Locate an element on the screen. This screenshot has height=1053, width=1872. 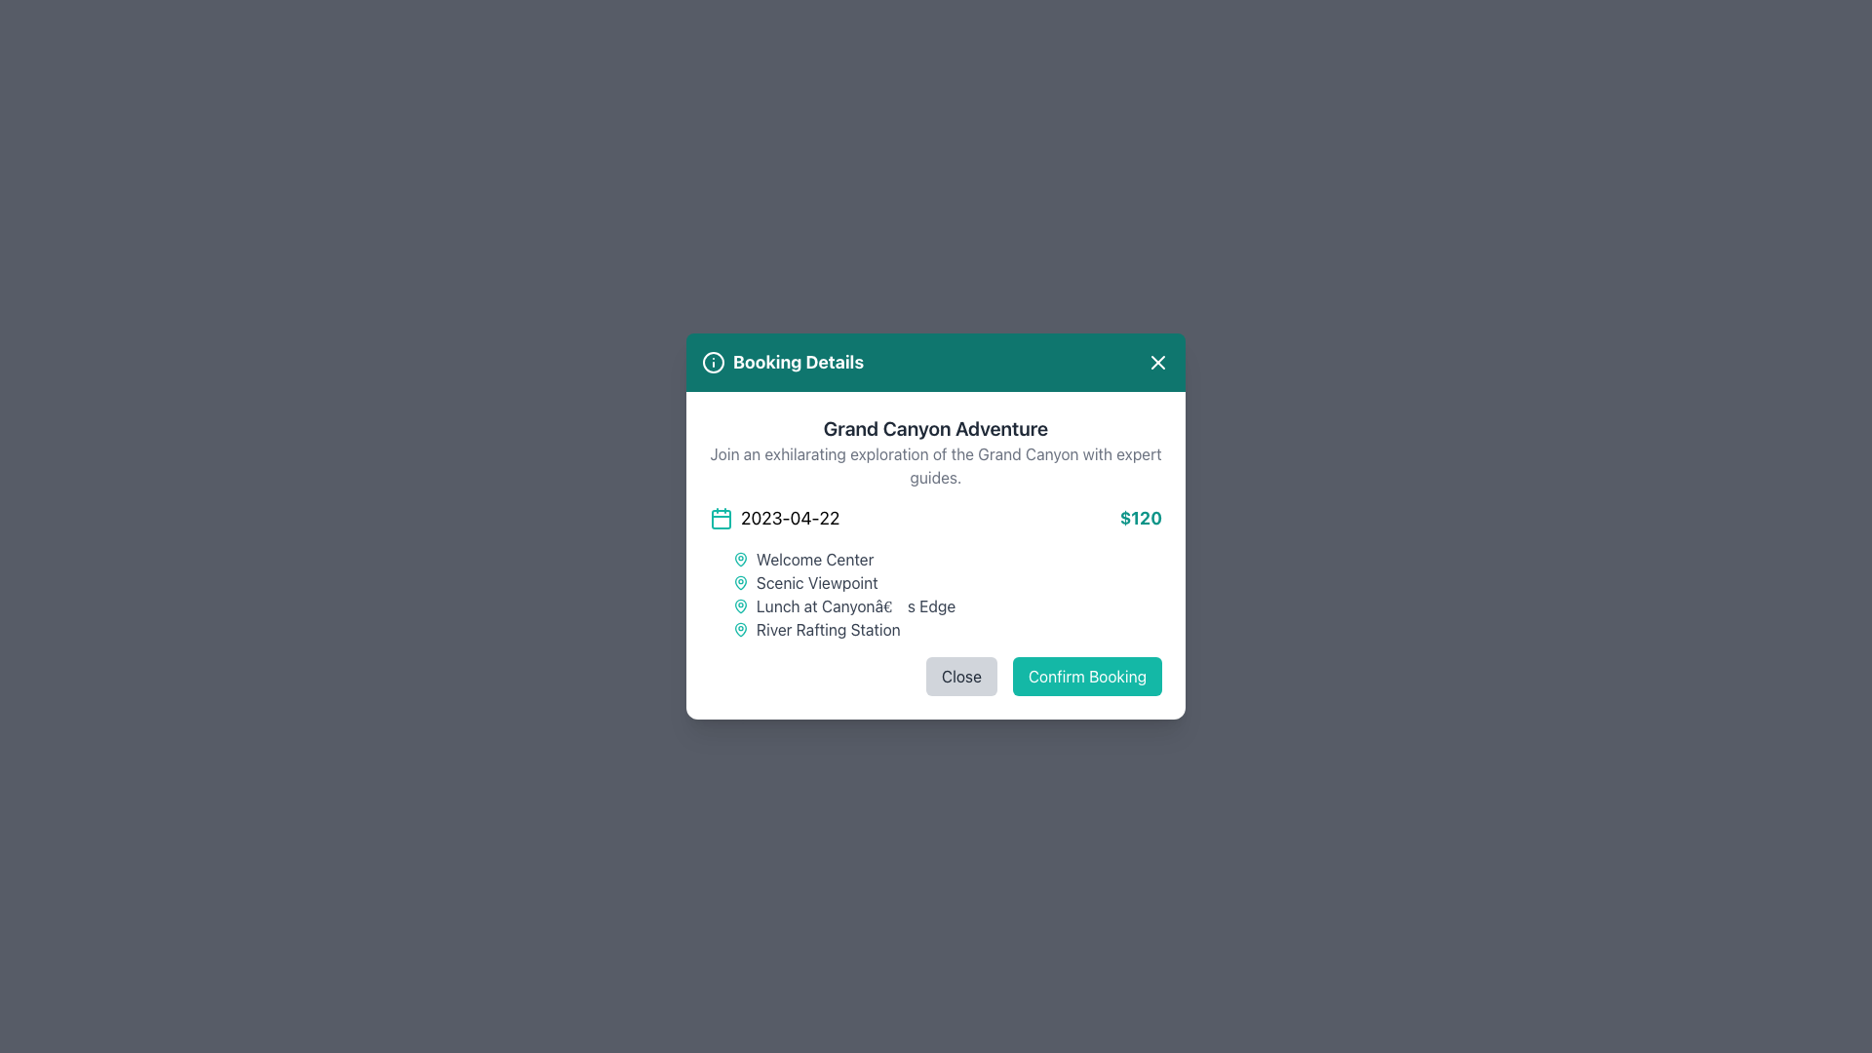
the circular teal Icon component located in the header of the 'Booking Details' popup window is located at coordinates (712, 362).